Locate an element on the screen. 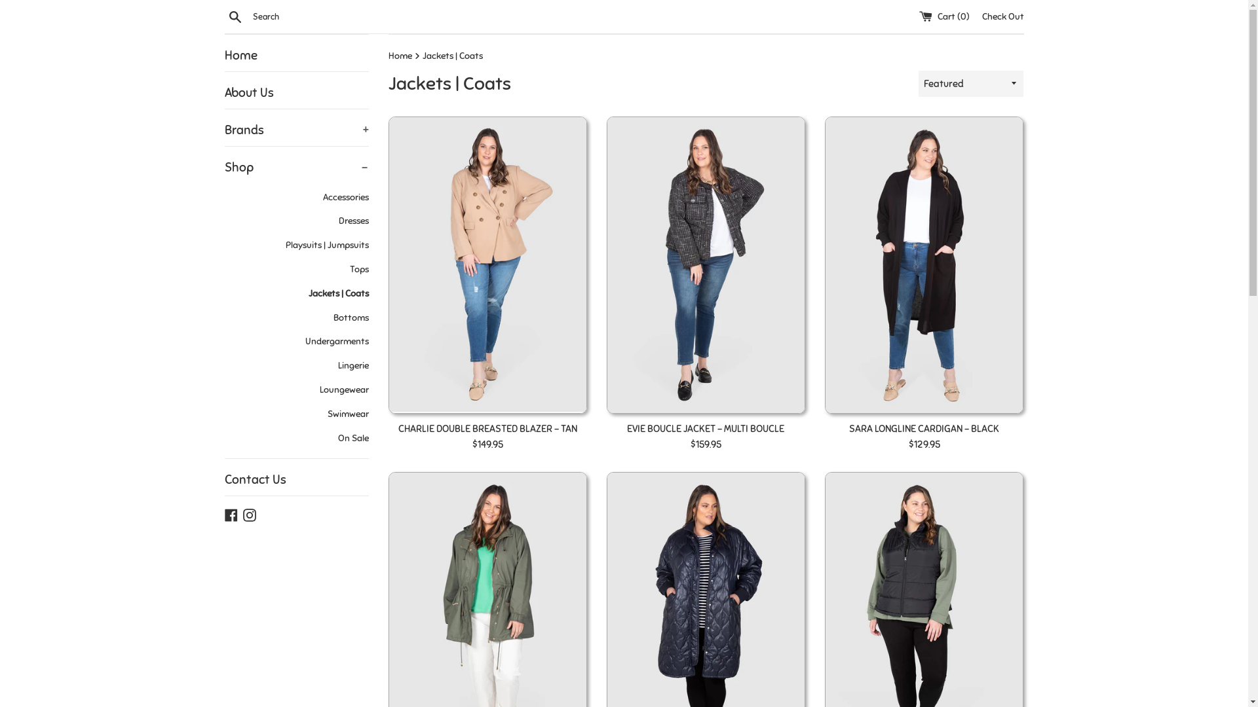 This screenshot has width=1258, height=707. 'Accessories' is located at coordinates (223, 198).